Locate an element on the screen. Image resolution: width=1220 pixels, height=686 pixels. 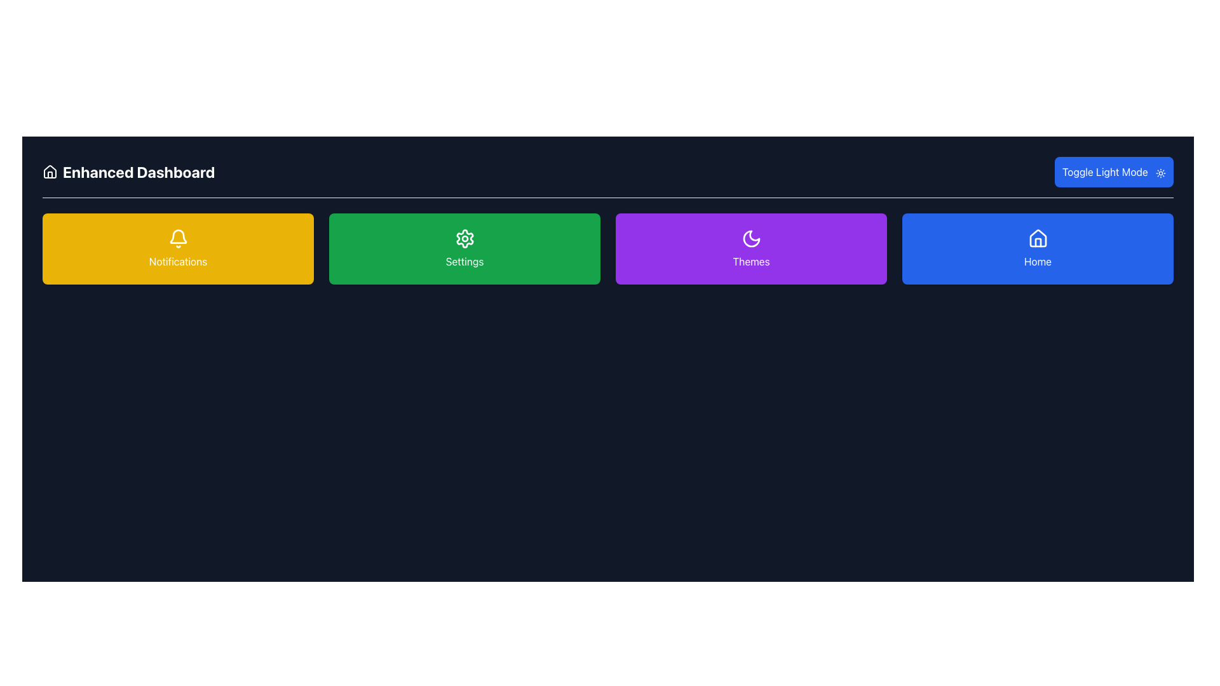
the stylized house SVG icon located in the 'Home' section, which is positioned at the far right and has a white outline with no fill is located at coordinates (1038, 238).